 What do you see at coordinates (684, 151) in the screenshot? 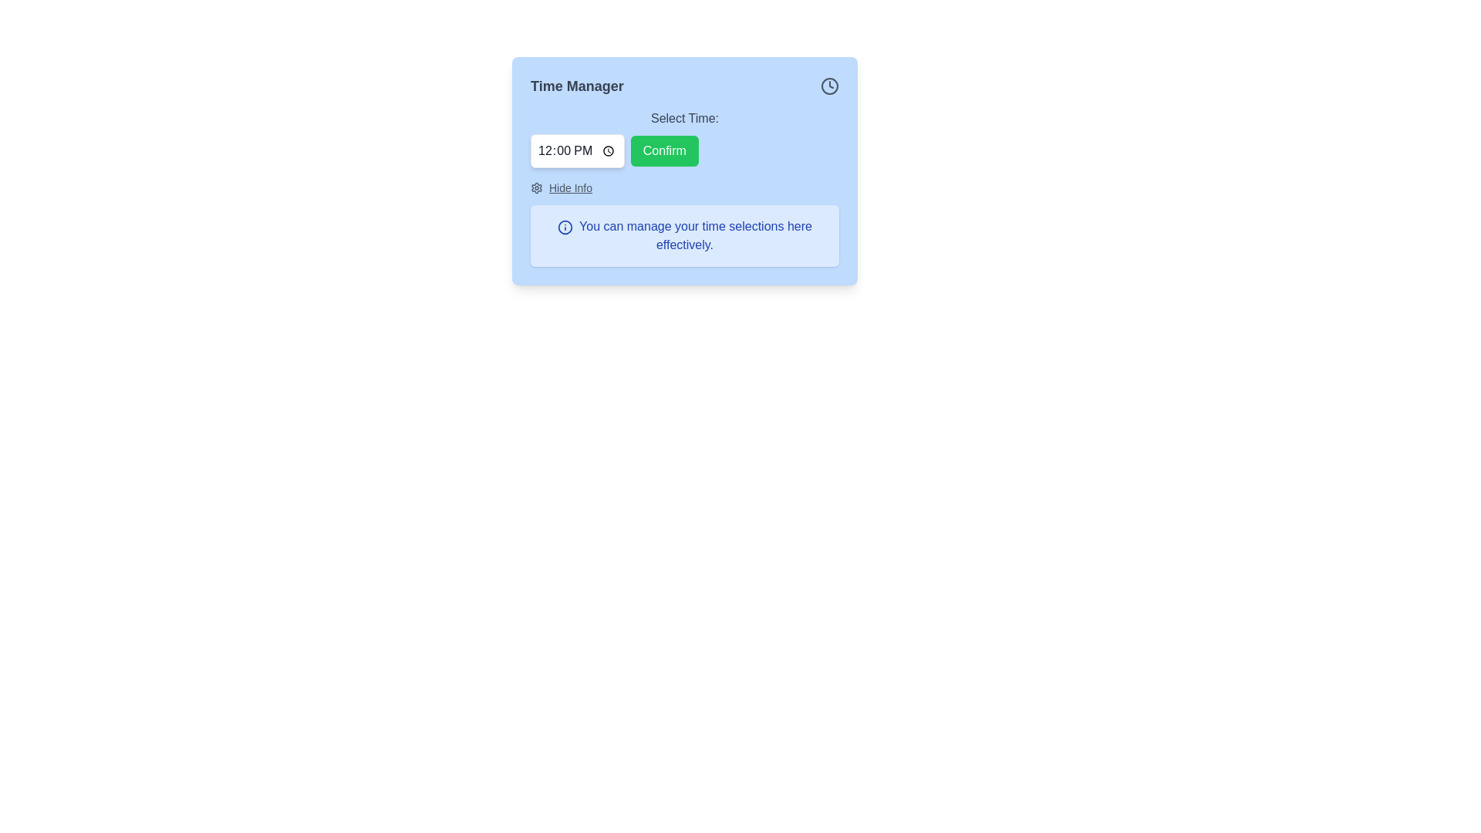
I see `the confirm button located to the right of the time selector field under the heading 'Select Time:' to observe hover effects` at bounding box center [684, 151].